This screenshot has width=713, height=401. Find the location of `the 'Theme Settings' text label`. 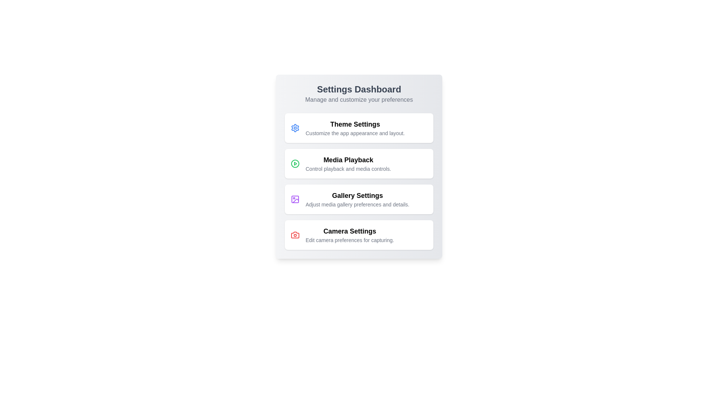

the 'Theme Settings' text label is located at coordinates (355, 124).